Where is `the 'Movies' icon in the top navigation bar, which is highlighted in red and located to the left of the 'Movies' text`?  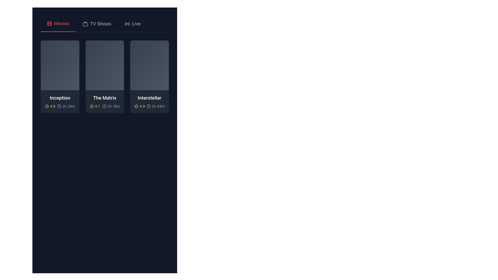 the 'Movies' icon in the top navigation bar, which is highlighted in red and located to the left of the 'Movies' text is located at coordinates (50, 24).